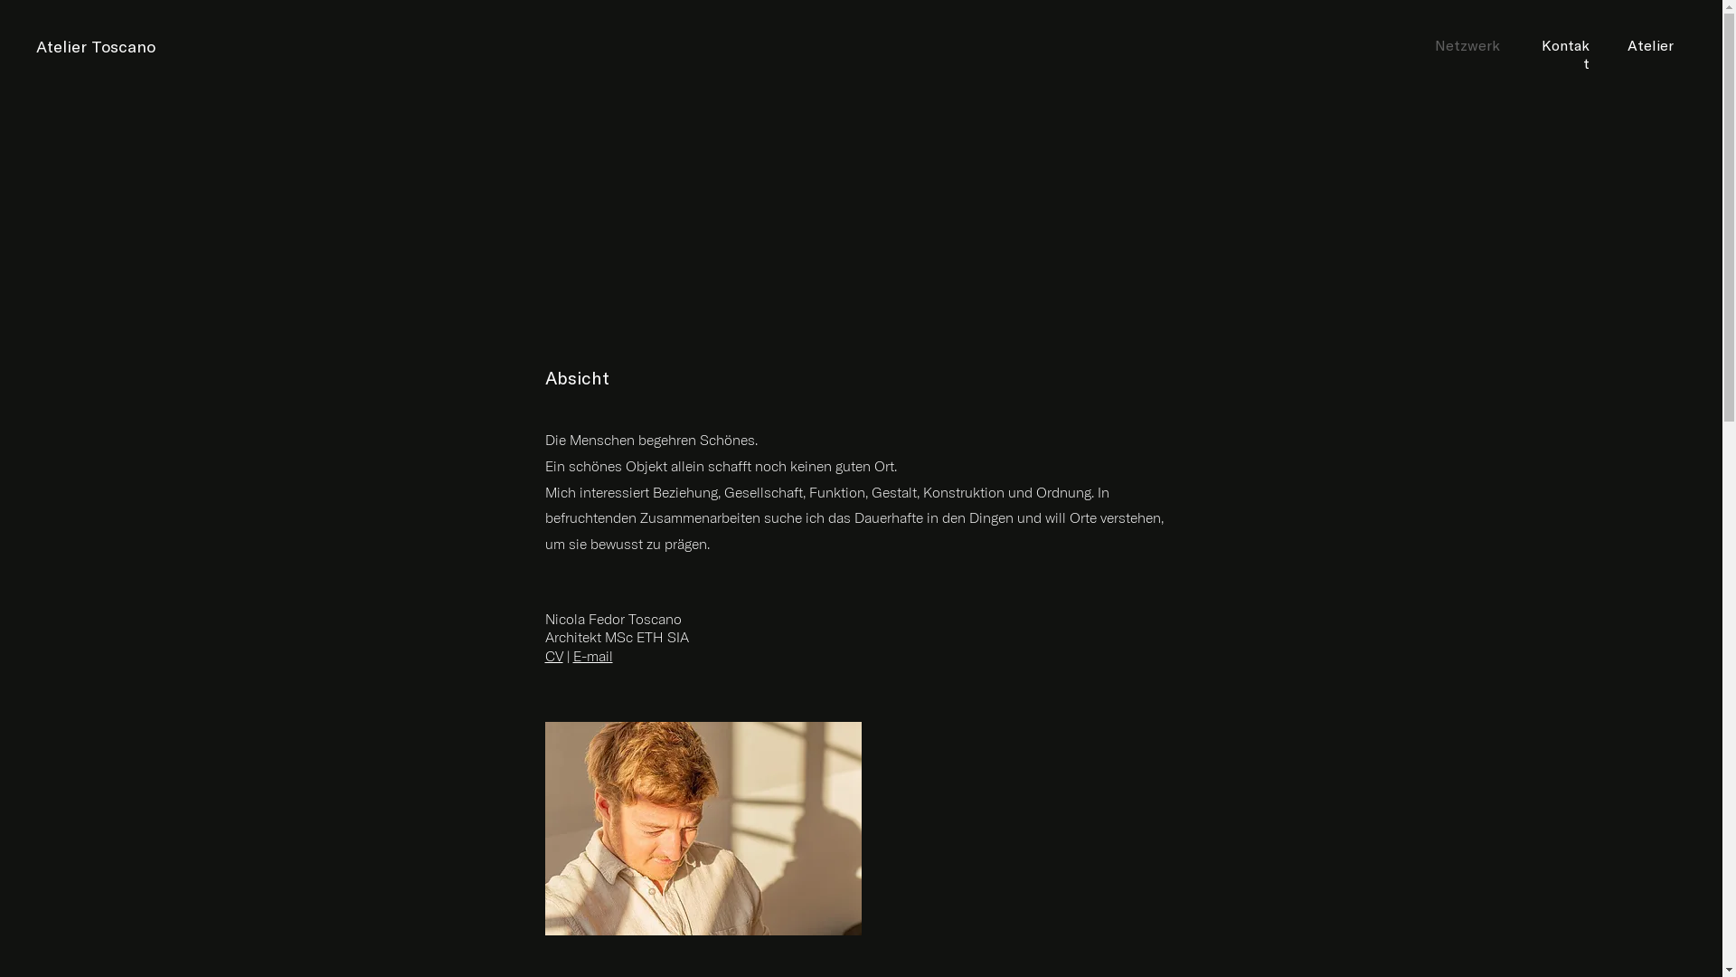 The image size is (1736, 977). What do you see at coordinates (94, 45) in the screenshot?
I see `'Atelier Toscano'` at bounding box center [94, 45].